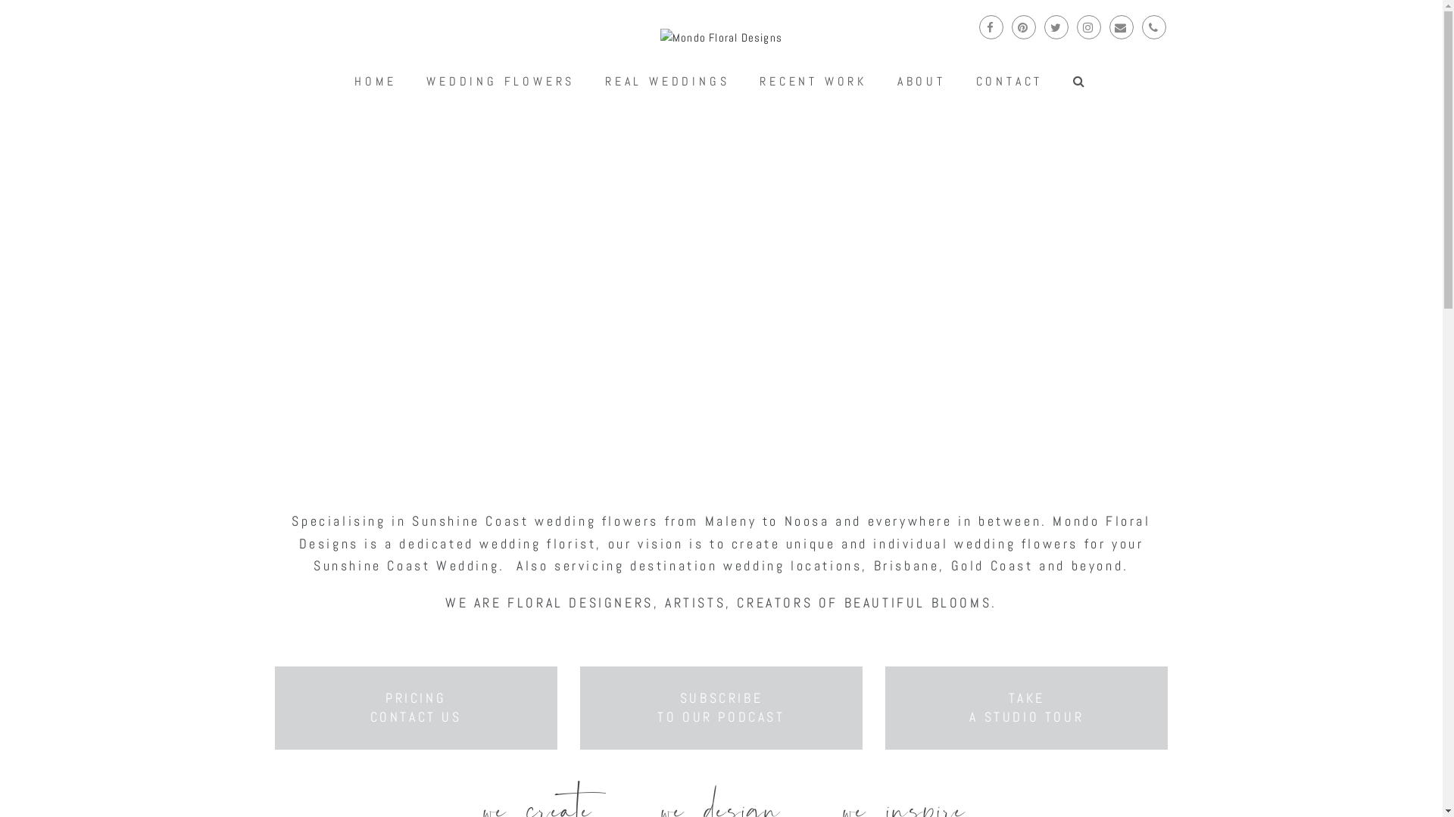 This screenshot has width=1454, height=817. What do you see at coordinates (991, 26) in the screenshot?
I see `'Facebook'` at bounding box center [991, 26].